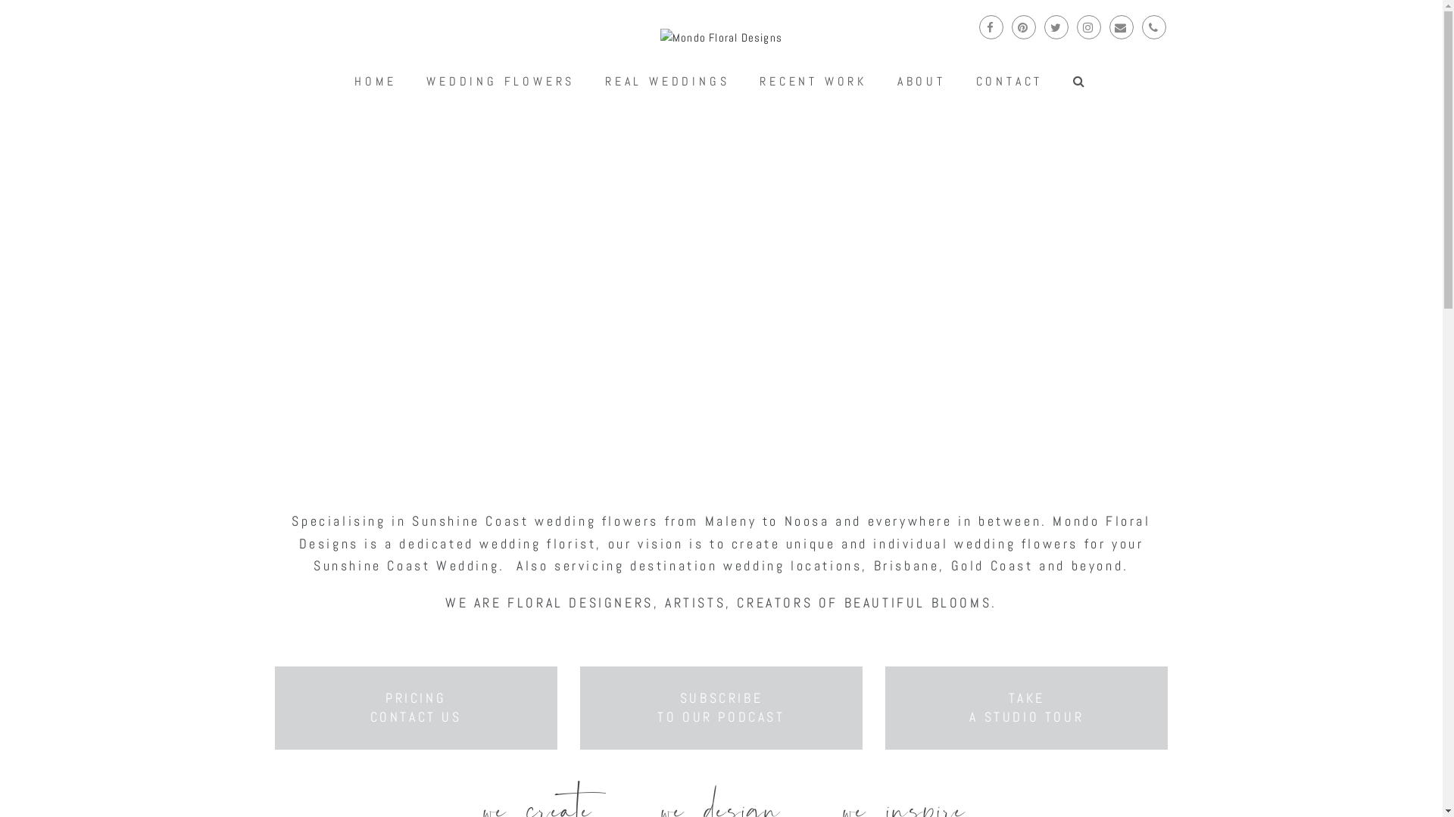 This screenshot has width=1454, height=817. What do you see at coordinates (991, 26) in the screenshot?
I see `'Facebook'` at bounding box center [991, 26].